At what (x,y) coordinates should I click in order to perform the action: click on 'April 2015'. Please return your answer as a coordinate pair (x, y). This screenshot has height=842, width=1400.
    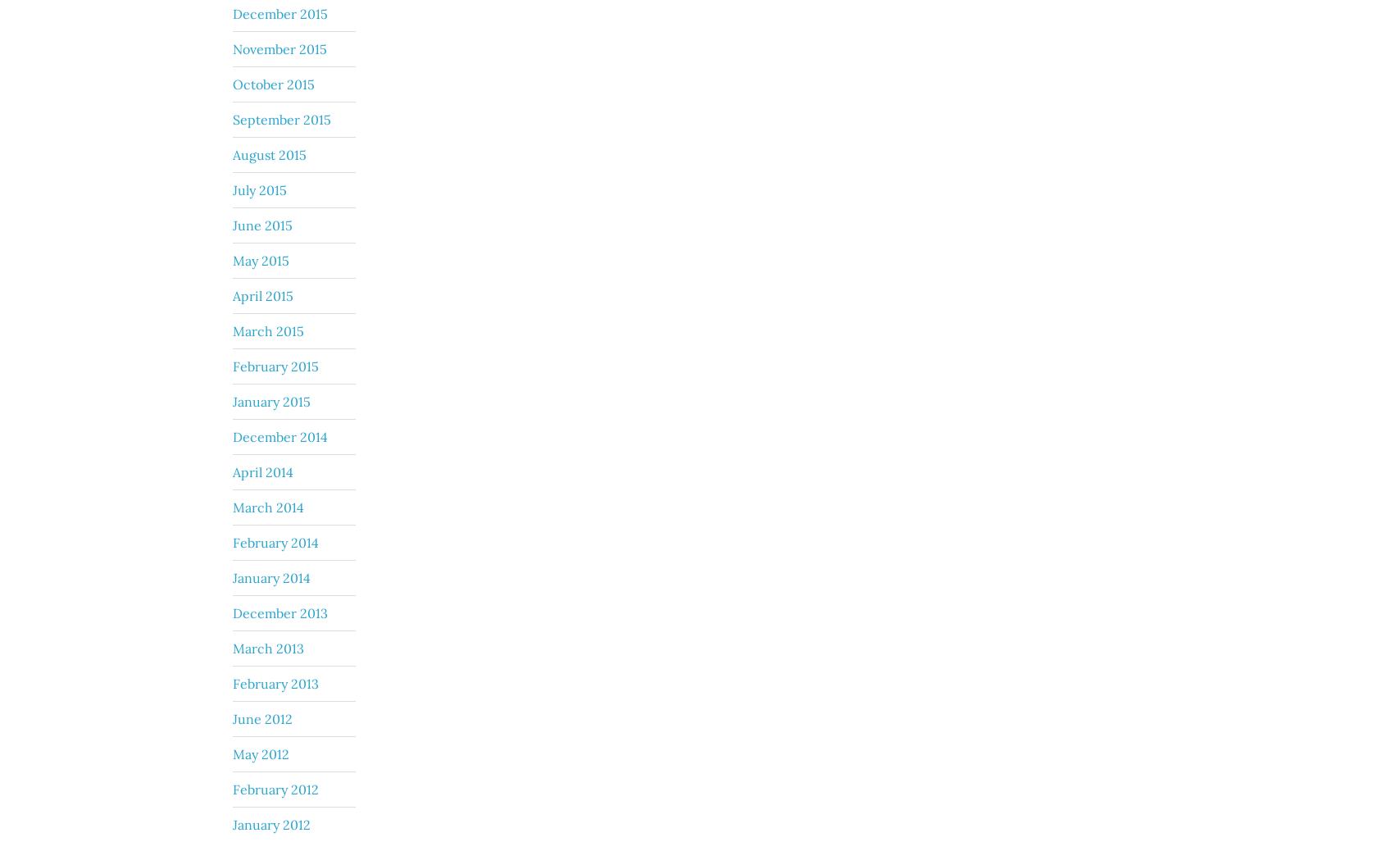
    Looking at the image, I should click on (233, 294).